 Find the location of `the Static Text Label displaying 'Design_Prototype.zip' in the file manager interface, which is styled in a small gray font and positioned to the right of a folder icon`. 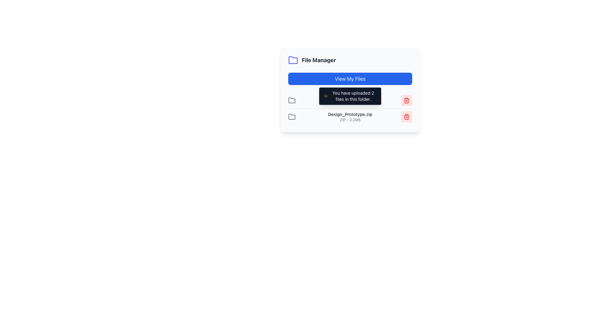

the Static Text Label displaying 'Design_Prototype.zip' in the file manager interface, which is styled in a small gray font and positioned to the right of a folder icon is located at coordinates (350, 114).